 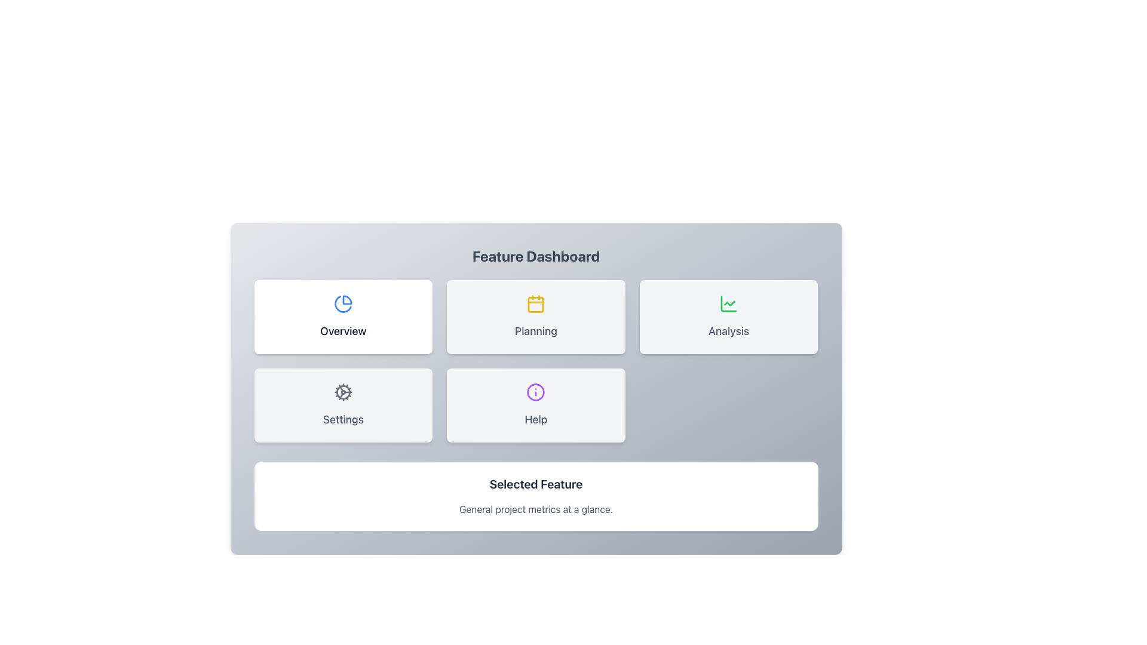 What do you see at coordinates (728, 303) in the screenshot?
I see `the green line chart icon located in the 'Analysis' card at the top-right section of the dashboard` at bounding box center [728, 303].